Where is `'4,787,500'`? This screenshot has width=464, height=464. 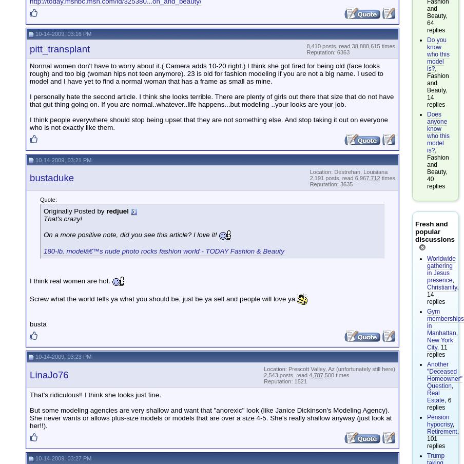 '4,787,500' is located at coordinates (321, 374).